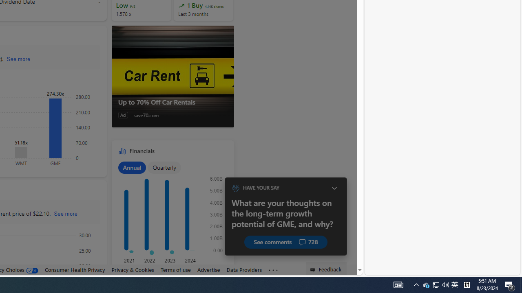  Describe the element at coordinates (273, 270) in the screenshot. I see `'Class: oneFooter_seeMore-DS-EntryPoint1-1'` at that location.